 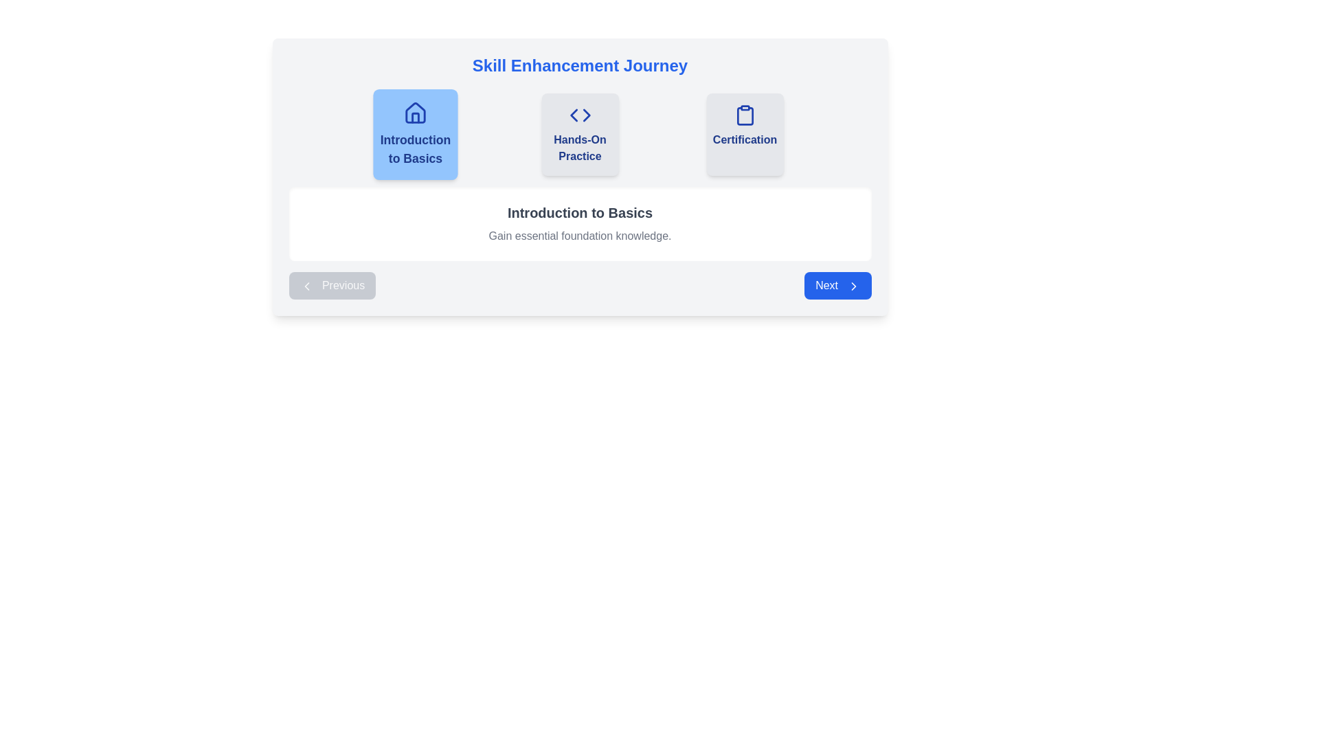 I want to click on the clipboard icon located at the top center of the 'Certification' card, which is the third card in a row of three options, so click(x=744, y=115).